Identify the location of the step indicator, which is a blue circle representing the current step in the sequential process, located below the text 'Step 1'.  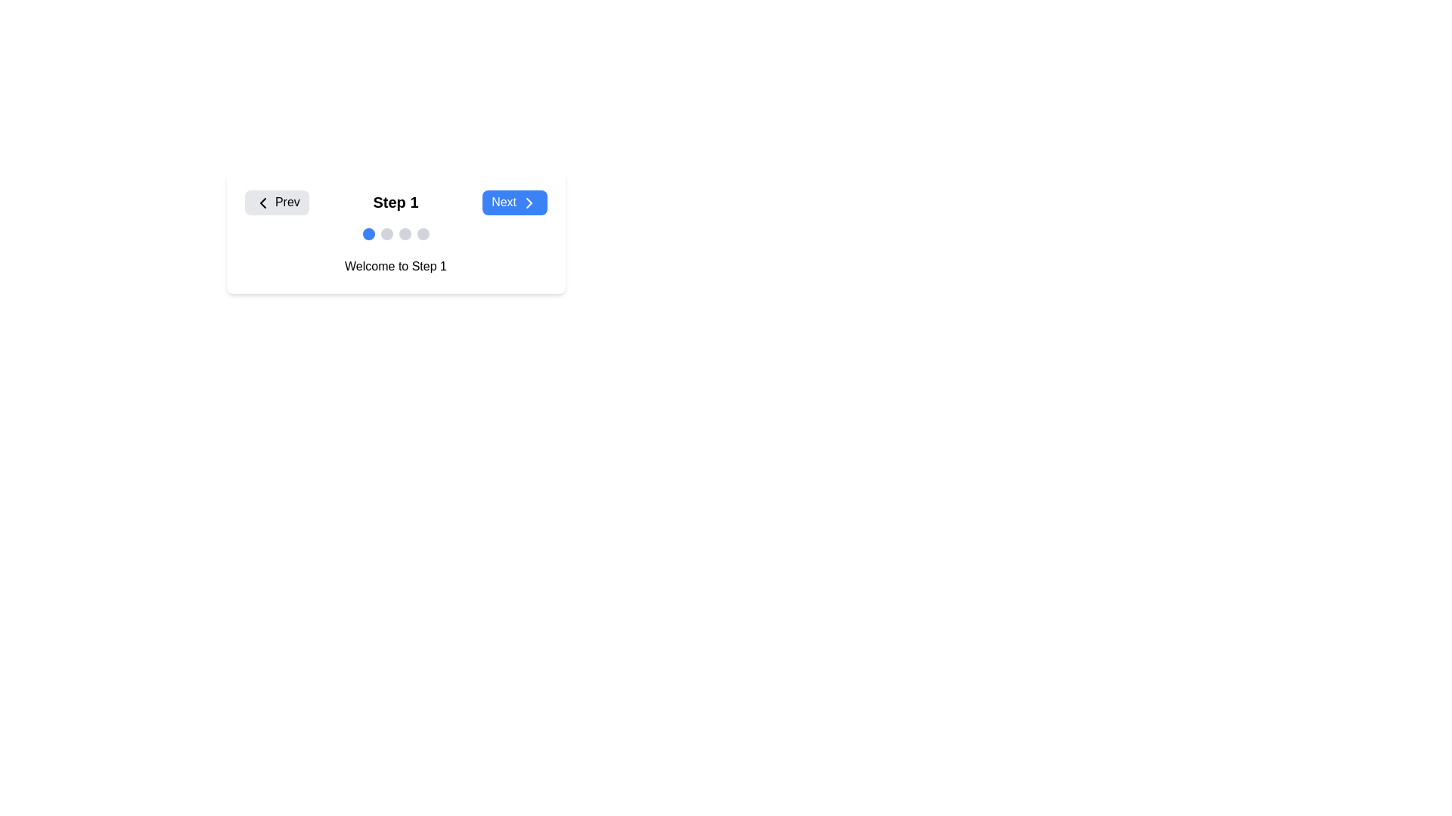
(396, 236).